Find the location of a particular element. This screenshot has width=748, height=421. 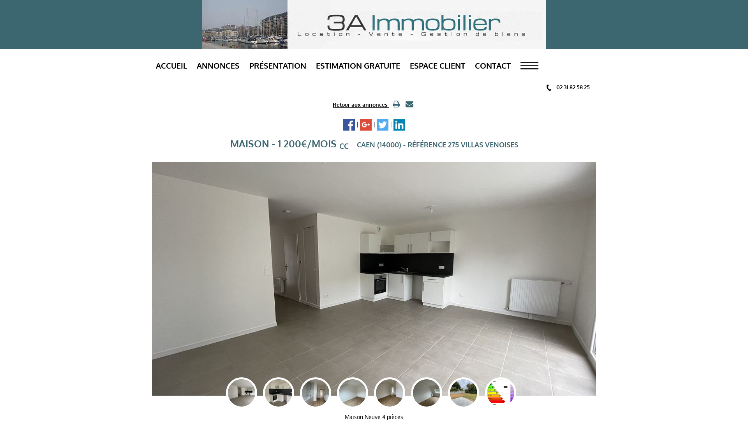

'CONTACT' is located at coordinates (475, 65).